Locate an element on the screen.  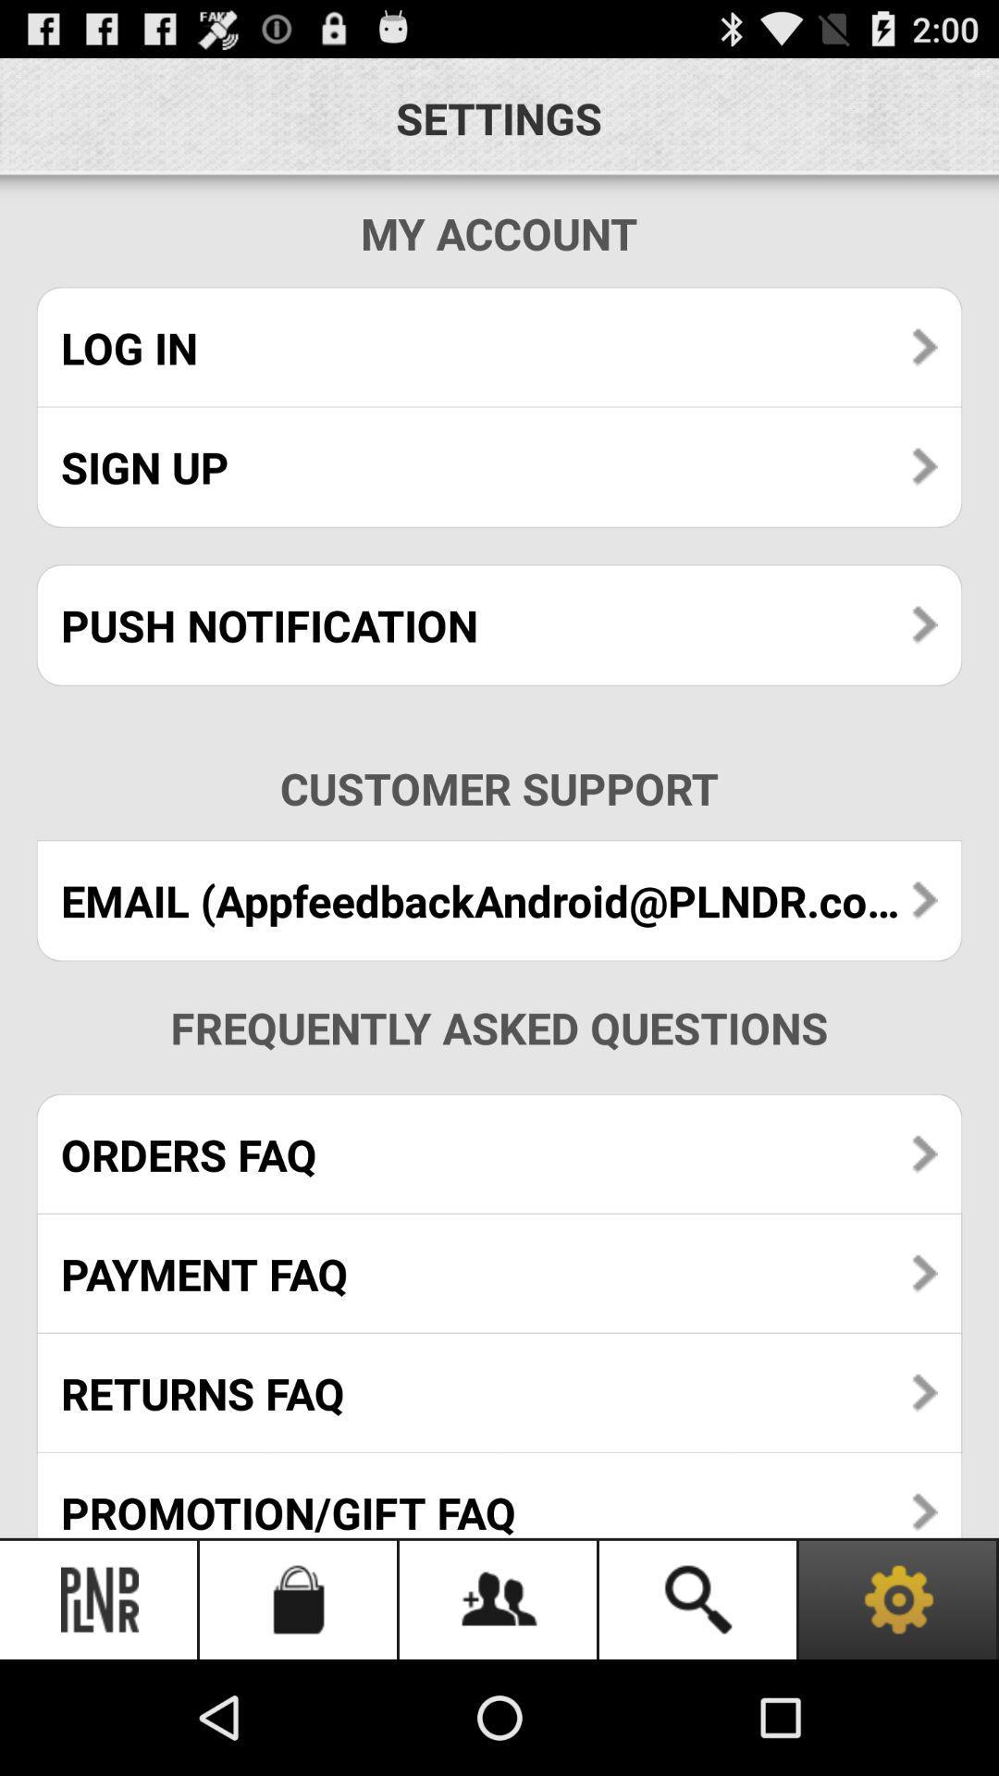
the log in icon is located at coordinates (499, 348).